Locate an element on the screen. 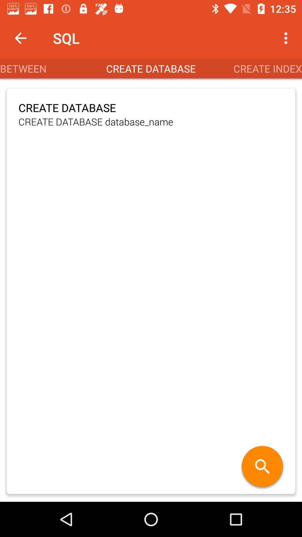 This screenshot has height=537, width=302. the item next to the sql app is located at coordinates (20, 38).